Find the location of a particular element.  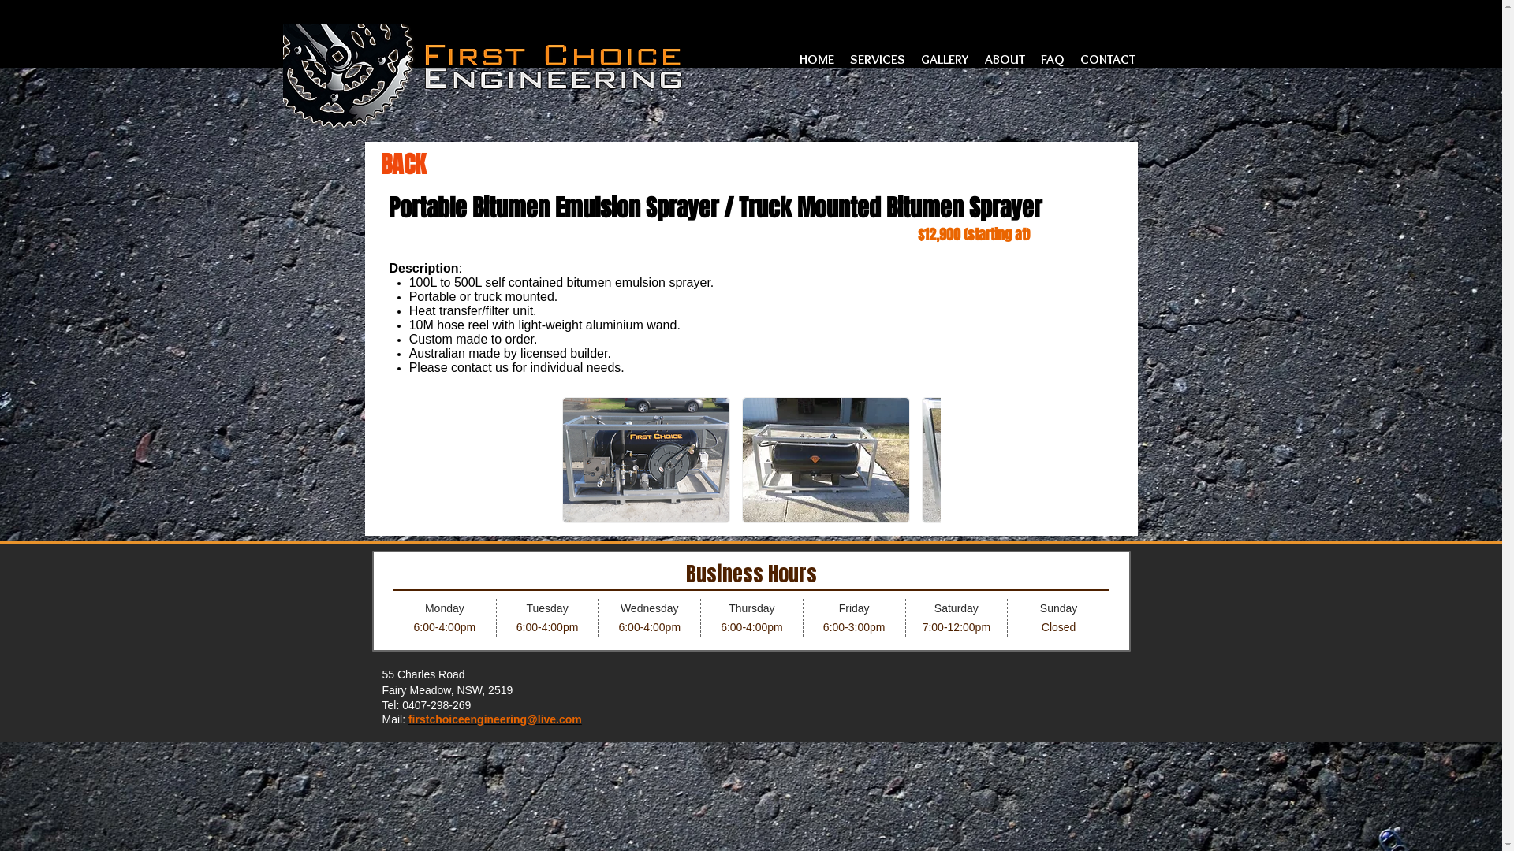

'BACK' is located at coordinates (379, 164).